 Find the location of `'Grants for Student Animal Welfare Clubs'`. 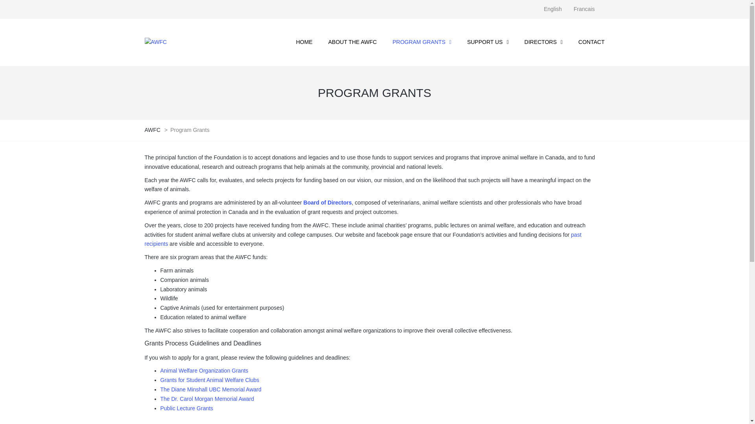

'Grants for Student Animal Welfare Clubs' is located at coordinates (210, 380).